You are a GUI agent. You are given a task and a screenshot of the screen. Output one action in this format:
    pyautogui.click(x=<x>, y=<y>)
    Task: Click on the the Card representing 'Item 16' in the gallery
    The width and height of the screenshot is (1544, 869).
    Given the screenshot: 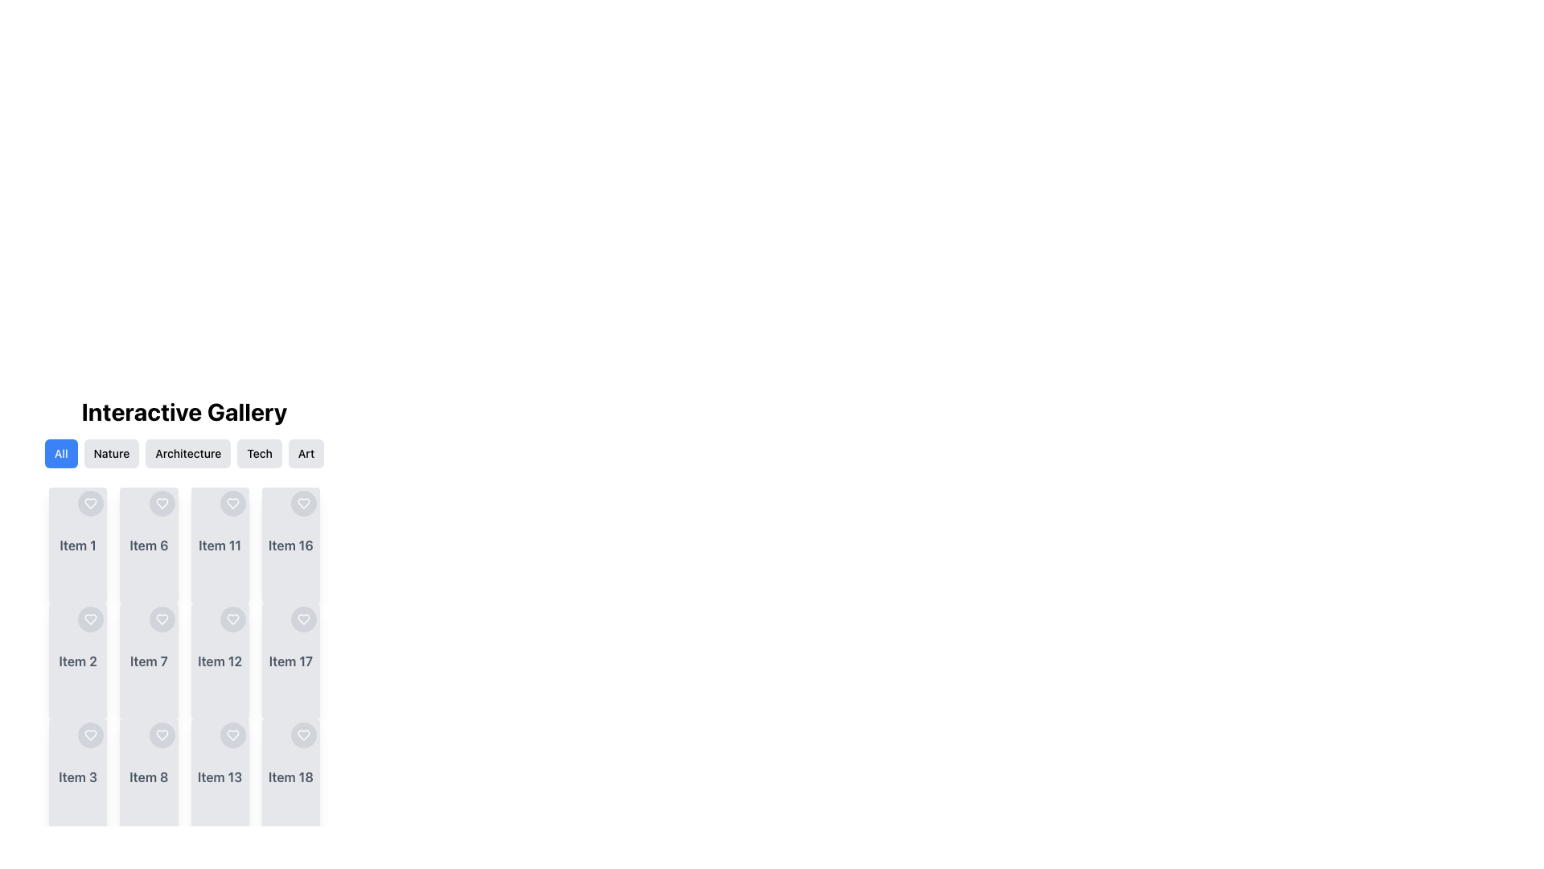 What is the action you would take?
    pyautogui.click(x=290, y=545)
    